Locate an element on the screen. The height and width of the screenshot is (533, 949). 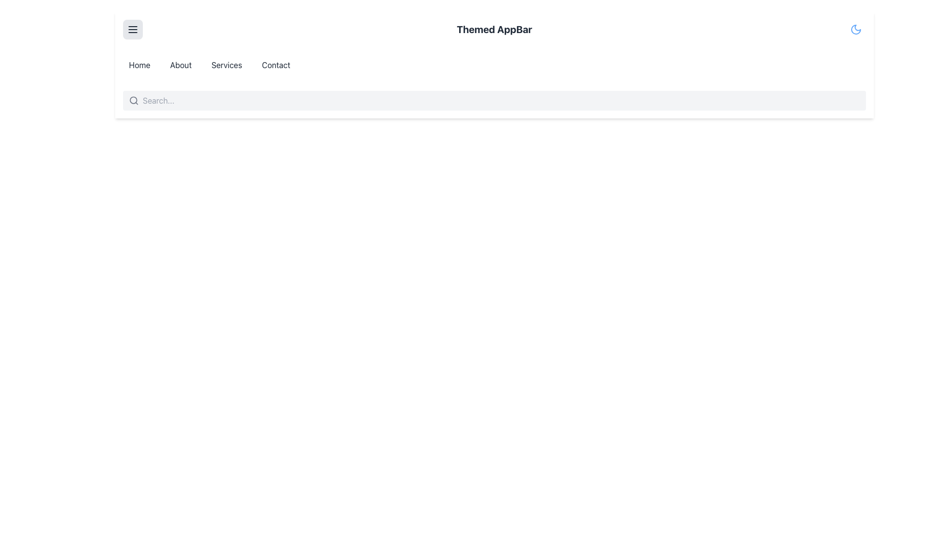
the circular moon button icon located at the top-right of the app's navigation bar is located at coordinates (856, 29).